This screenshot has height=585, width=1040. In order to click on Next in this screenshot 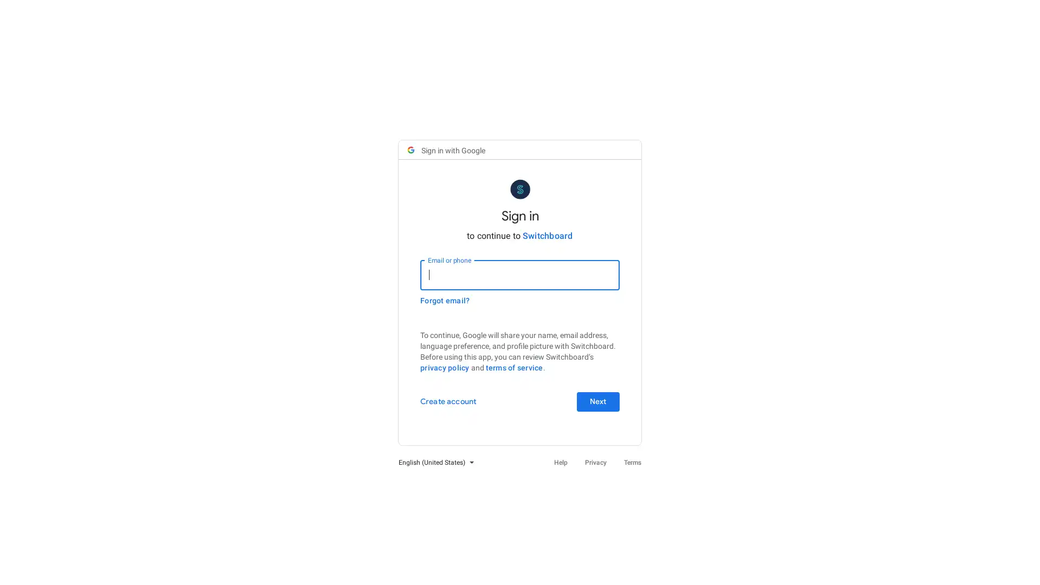, I will do `click(597, 401)`.